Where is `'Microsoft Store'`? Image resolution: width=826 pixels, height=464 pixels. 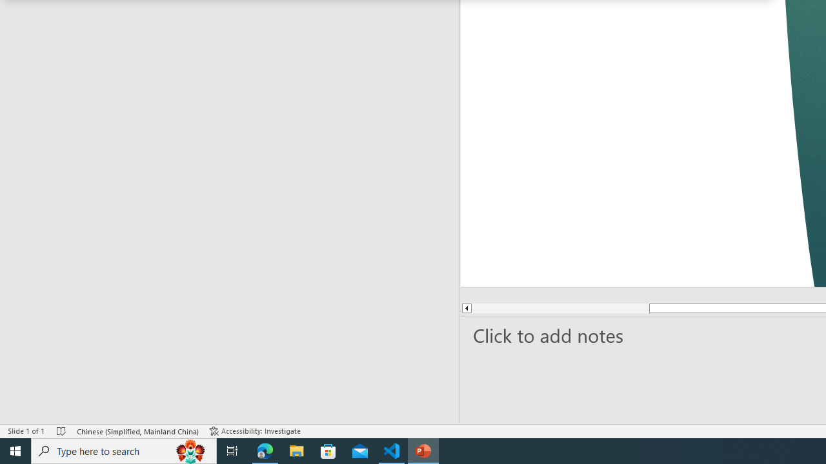
'Microsoft Store' is located at coordinates (328, 450).